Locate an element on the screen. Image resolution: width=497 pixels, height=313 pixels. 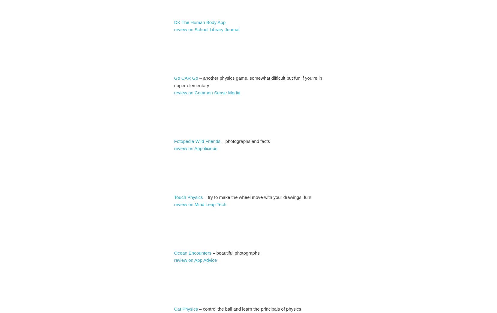
'Go CAR Go' is located at coordinates (186, 78).